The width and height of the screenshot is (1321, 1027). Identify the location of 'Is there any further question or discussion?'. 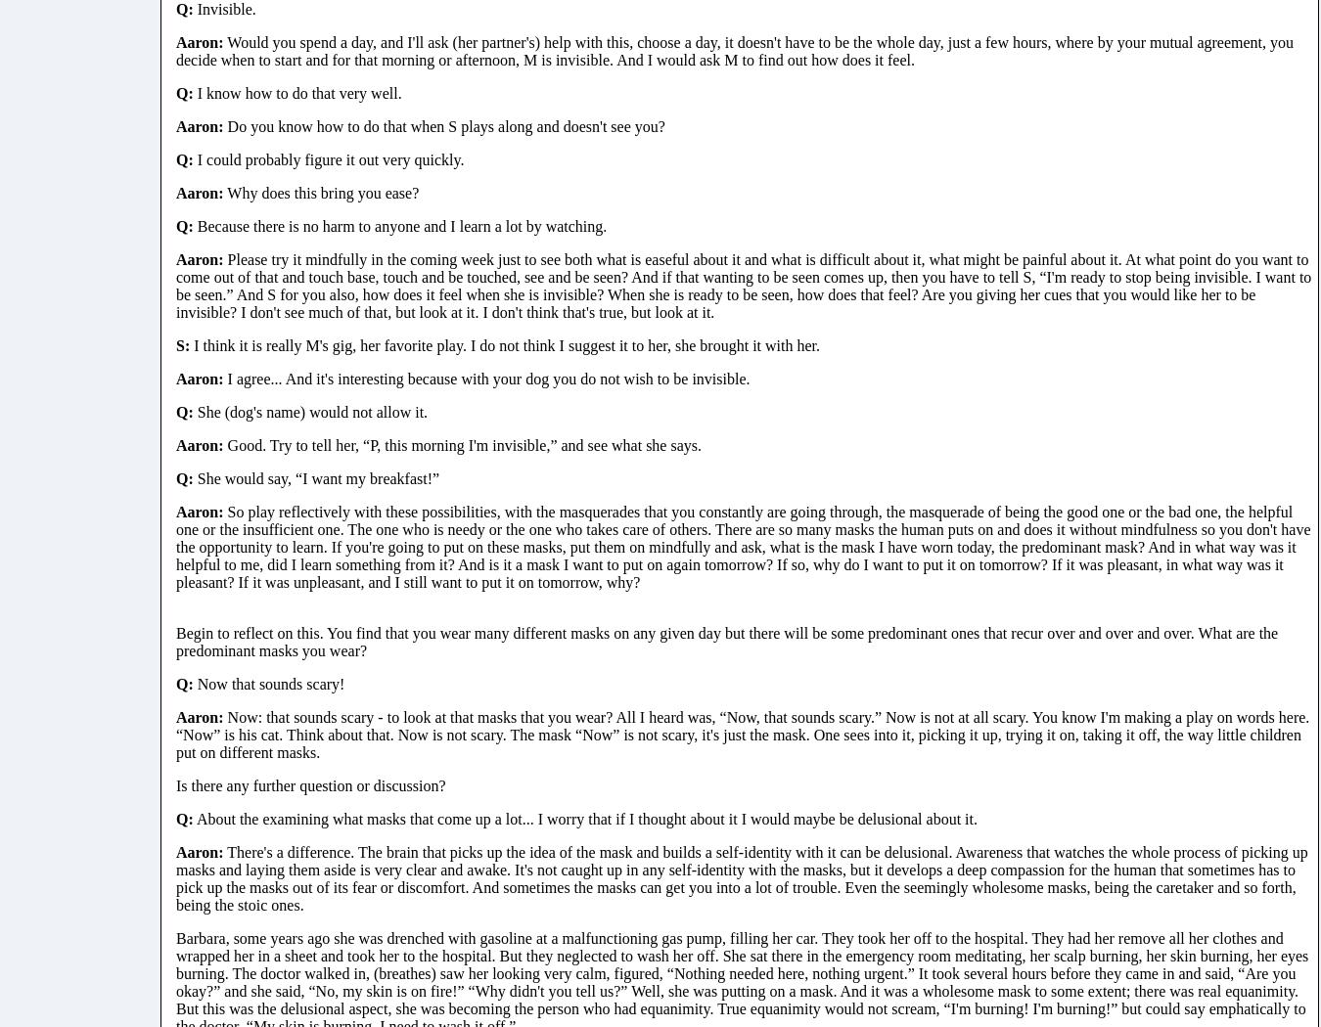
(175, 783).